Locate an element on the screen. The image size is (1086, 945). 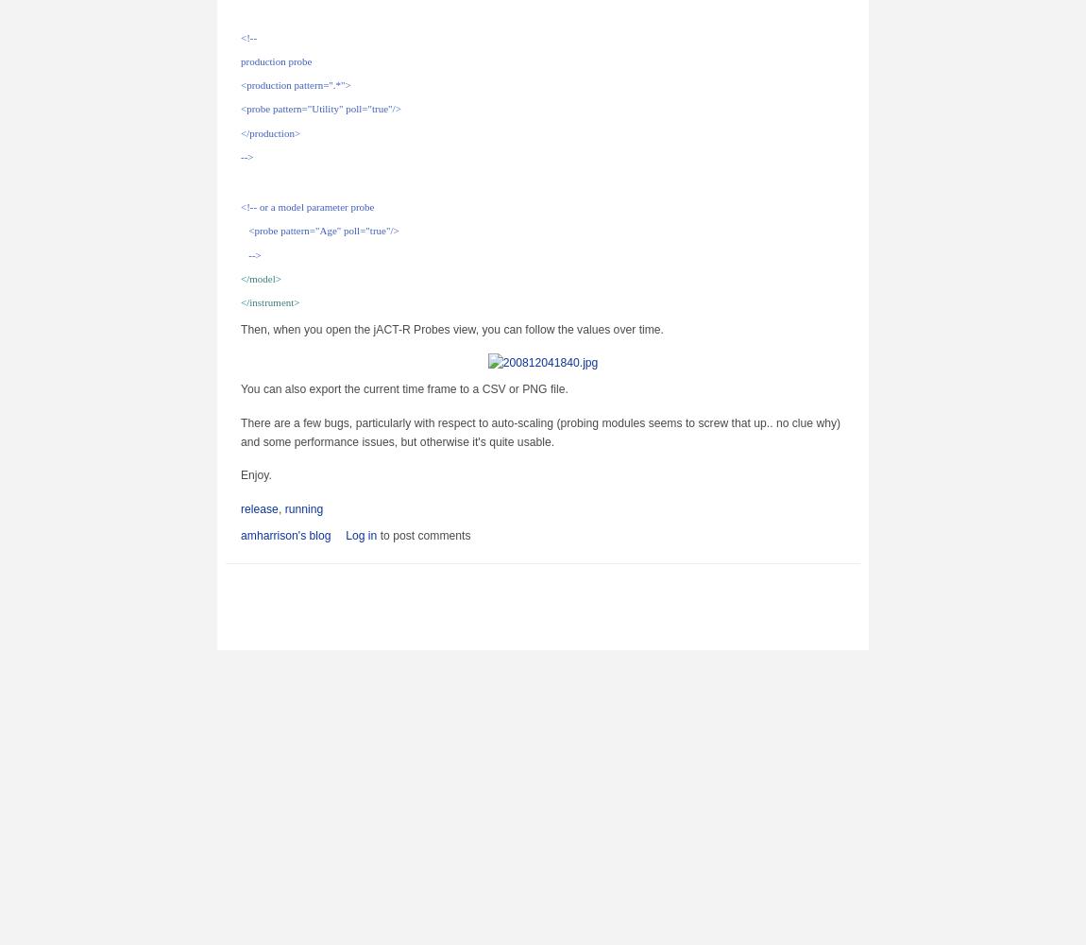
'release' is located at coordinates (258, 508).